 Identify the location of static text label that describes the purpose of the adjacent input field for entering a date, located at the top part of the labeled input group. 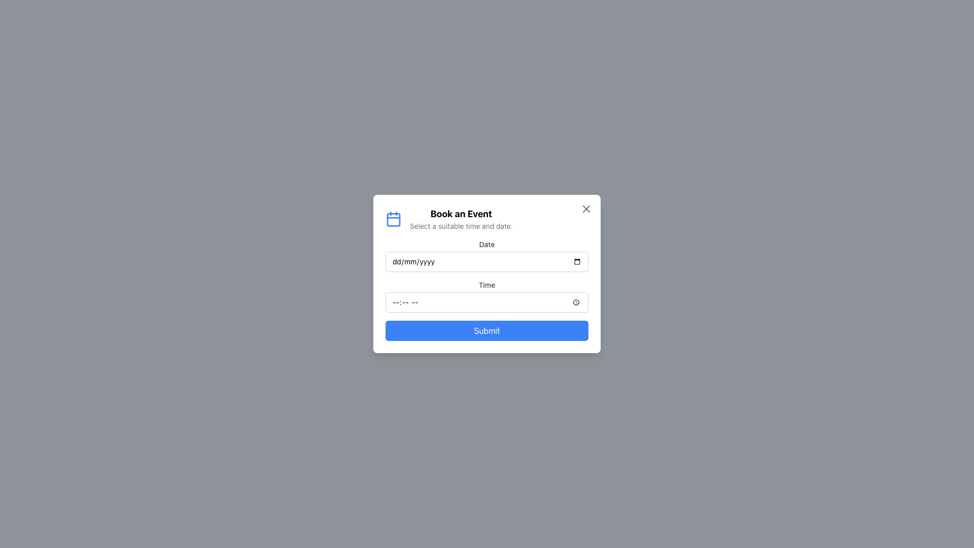
(487, 245).